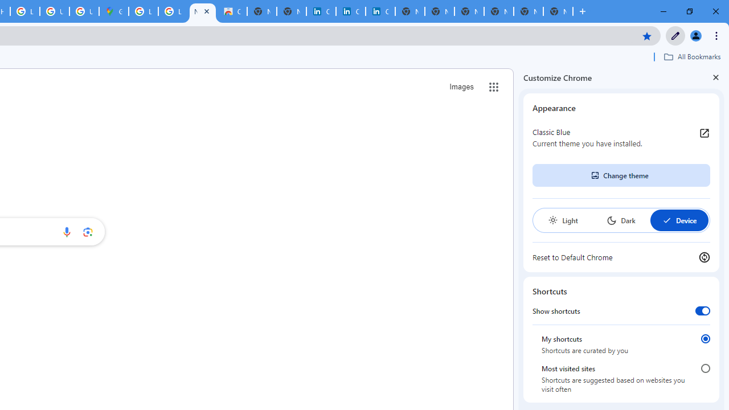 This screenshot has width=729, height=410. Describe the element at coordinates (350, 11) in the screenshot. I see `'Cookie Policy | LinkedIn'` at that location.